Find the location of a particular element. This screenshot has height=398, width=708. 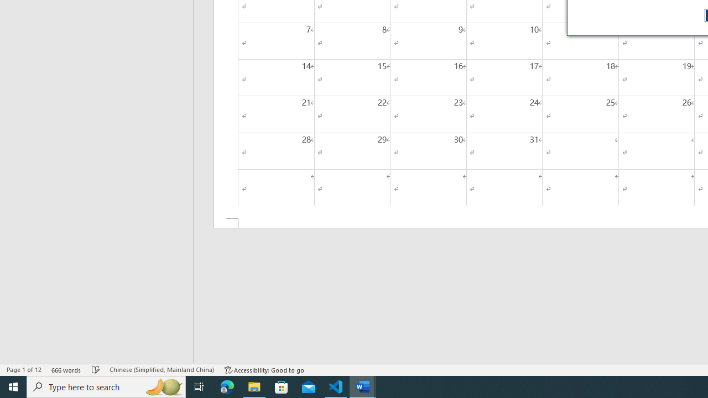

'Microsoft Edge' is located at coordinates (227, 386).